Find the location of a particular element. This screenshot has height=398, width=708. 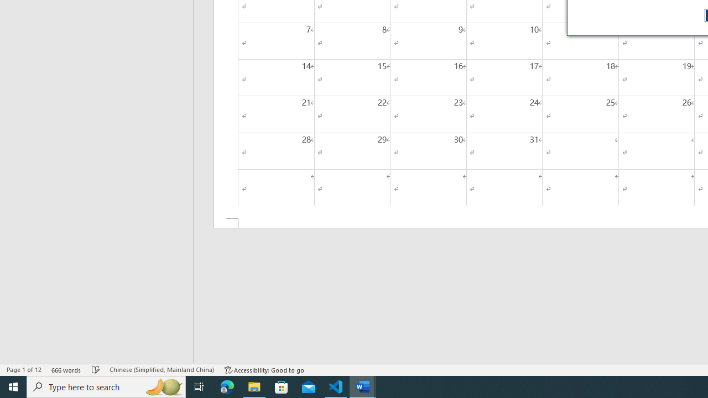

'Microsoft Edge' is located at coordinates (227, 386).